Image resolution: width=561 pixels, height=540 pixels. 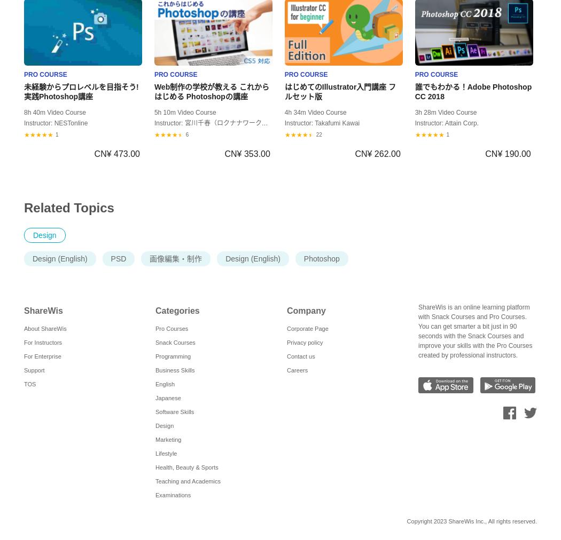 I want to click on 'Programming', so click(x=173, y=356).